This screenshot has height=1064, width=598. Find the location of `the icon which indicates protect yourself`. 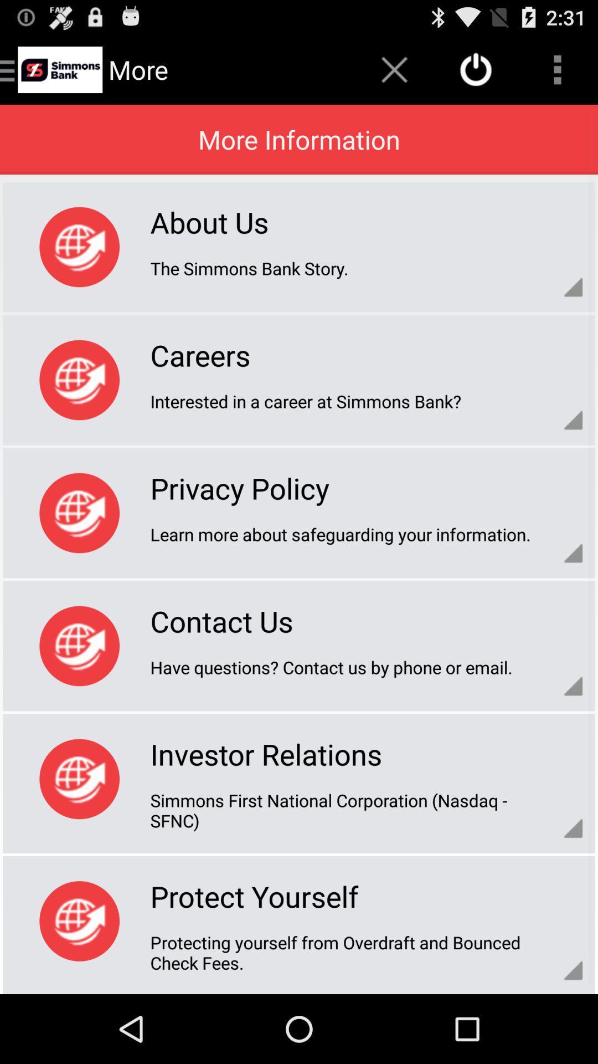

the icon which indicates protect yourself is located at coordinates (79, 921).